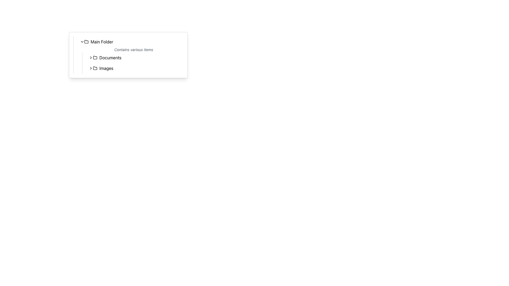 This screenshot has width=509, height=286. Describe the element at coordinates (95, 68) in the screenshot. I see `the small folder icon located next` at that location.